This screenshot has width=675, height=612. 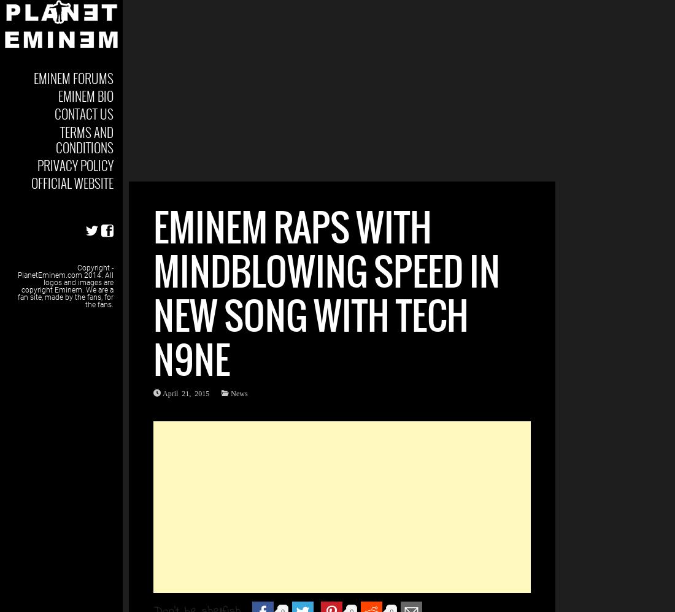 I want to click on 'Privacy Policy', so click(x=75, y=164).